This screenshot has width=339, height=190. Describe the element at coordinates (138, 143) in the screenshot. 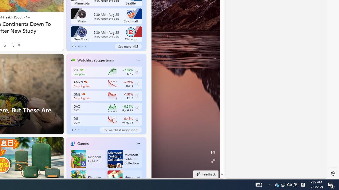

I see `'Class: icon-img'` at that location.